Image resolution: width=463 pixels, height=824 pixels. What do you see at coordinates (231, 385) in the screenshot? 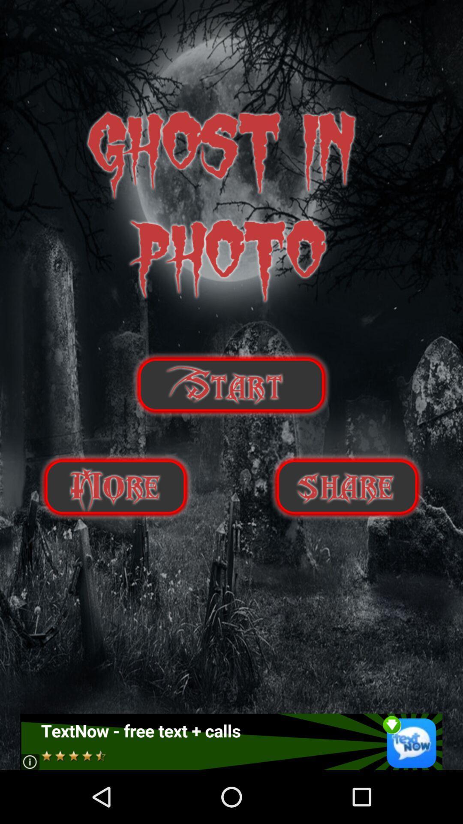
I see `play option` at bounding box center [231, 385].